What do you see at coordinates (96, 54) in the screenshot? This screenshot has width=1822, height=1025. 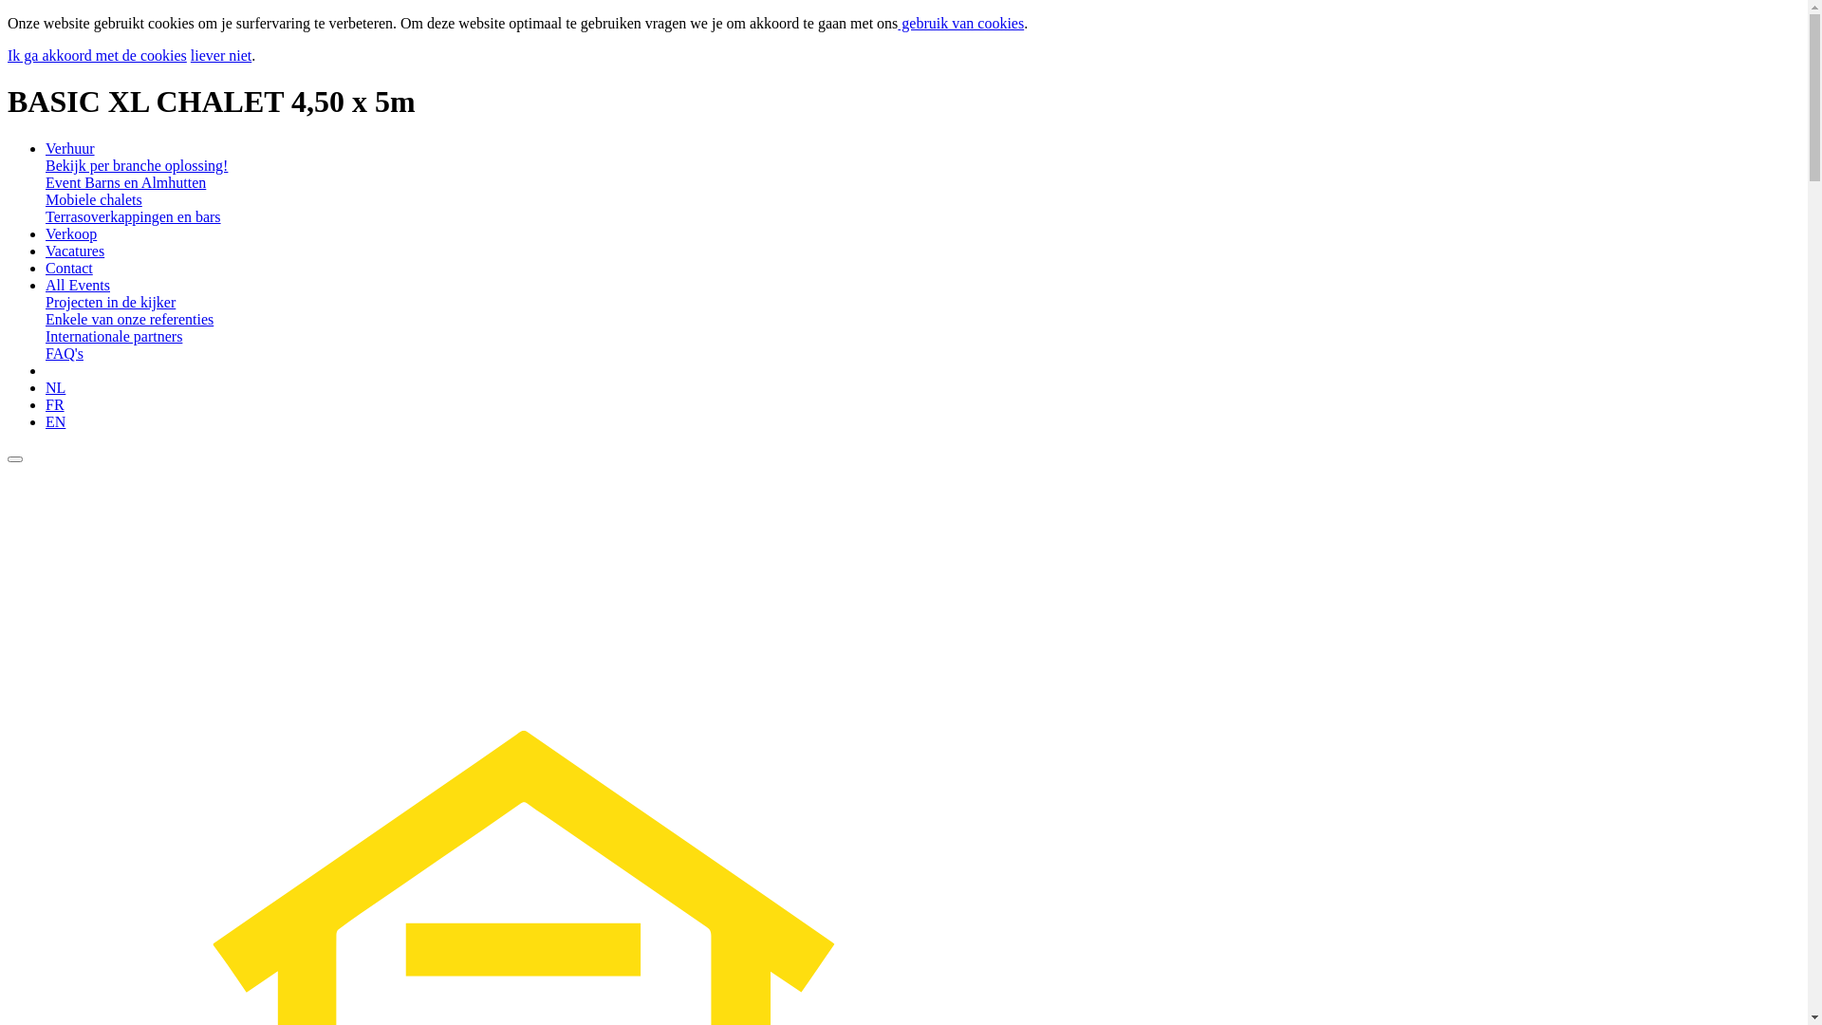 I see `'Ik ga akkoord met de cookies'` at bounding box center [96, 54].